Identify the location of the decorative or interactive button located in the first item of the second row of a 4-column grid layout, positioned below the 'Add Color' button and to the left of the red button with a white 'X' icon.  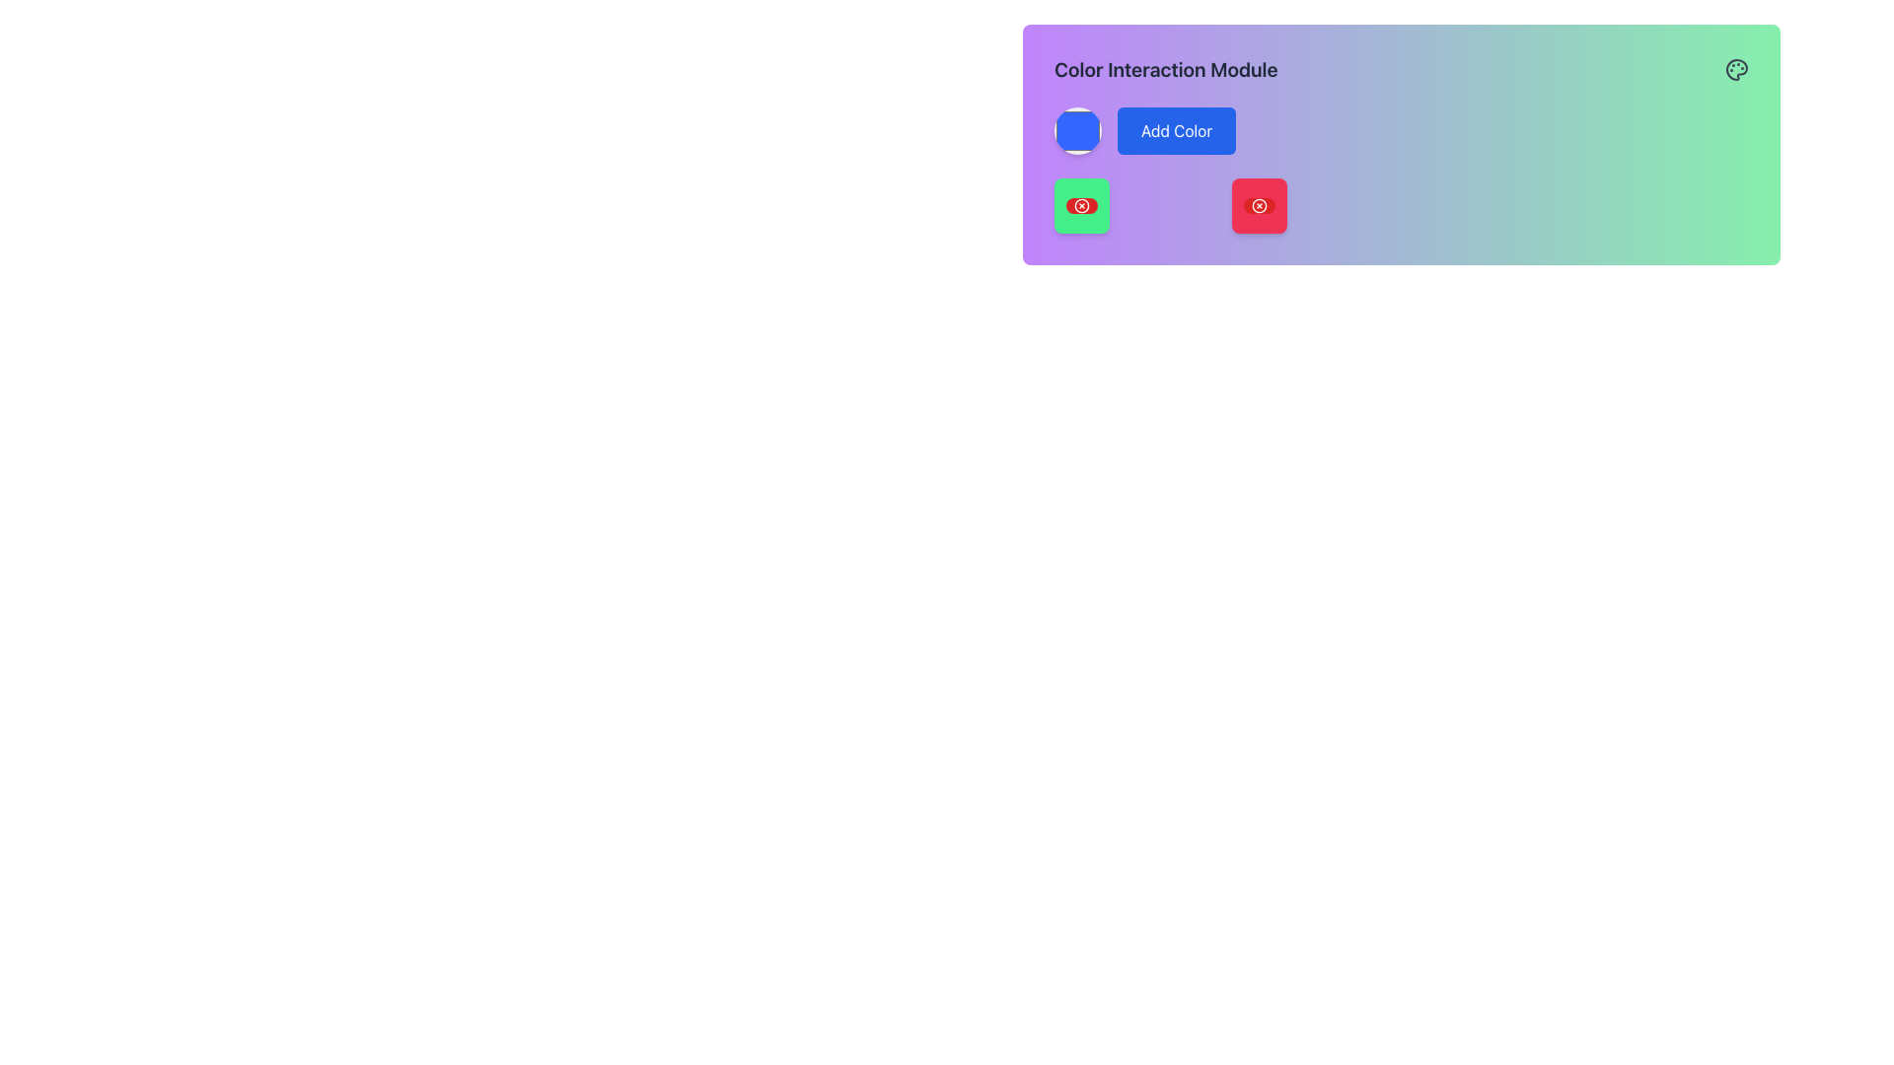
(1081, 205).